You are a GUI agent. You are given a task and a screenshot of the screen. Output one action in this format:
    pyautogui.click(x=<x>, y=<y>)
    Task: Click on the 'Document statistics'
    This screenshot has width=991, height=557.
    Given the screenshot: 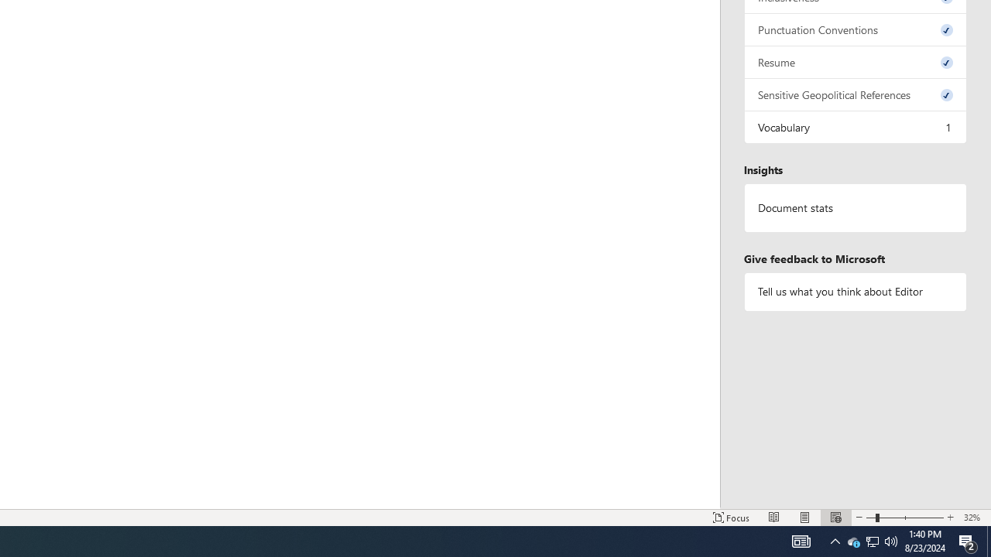 What is the action you would take?
    pyautogui.click(x=855, y=207)
    